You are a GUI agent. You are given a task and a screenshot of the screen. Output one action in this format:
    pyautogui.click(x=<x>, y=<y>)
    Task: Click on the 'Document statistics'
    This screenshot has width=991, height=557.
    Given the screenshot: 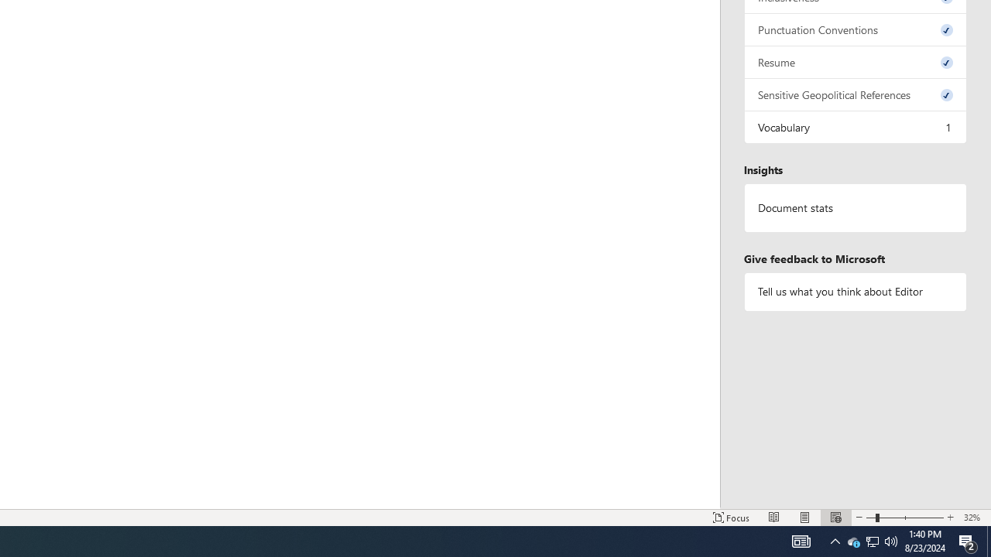 What is the action you would take?
    pyautogui.click(x=855, y=207)
    